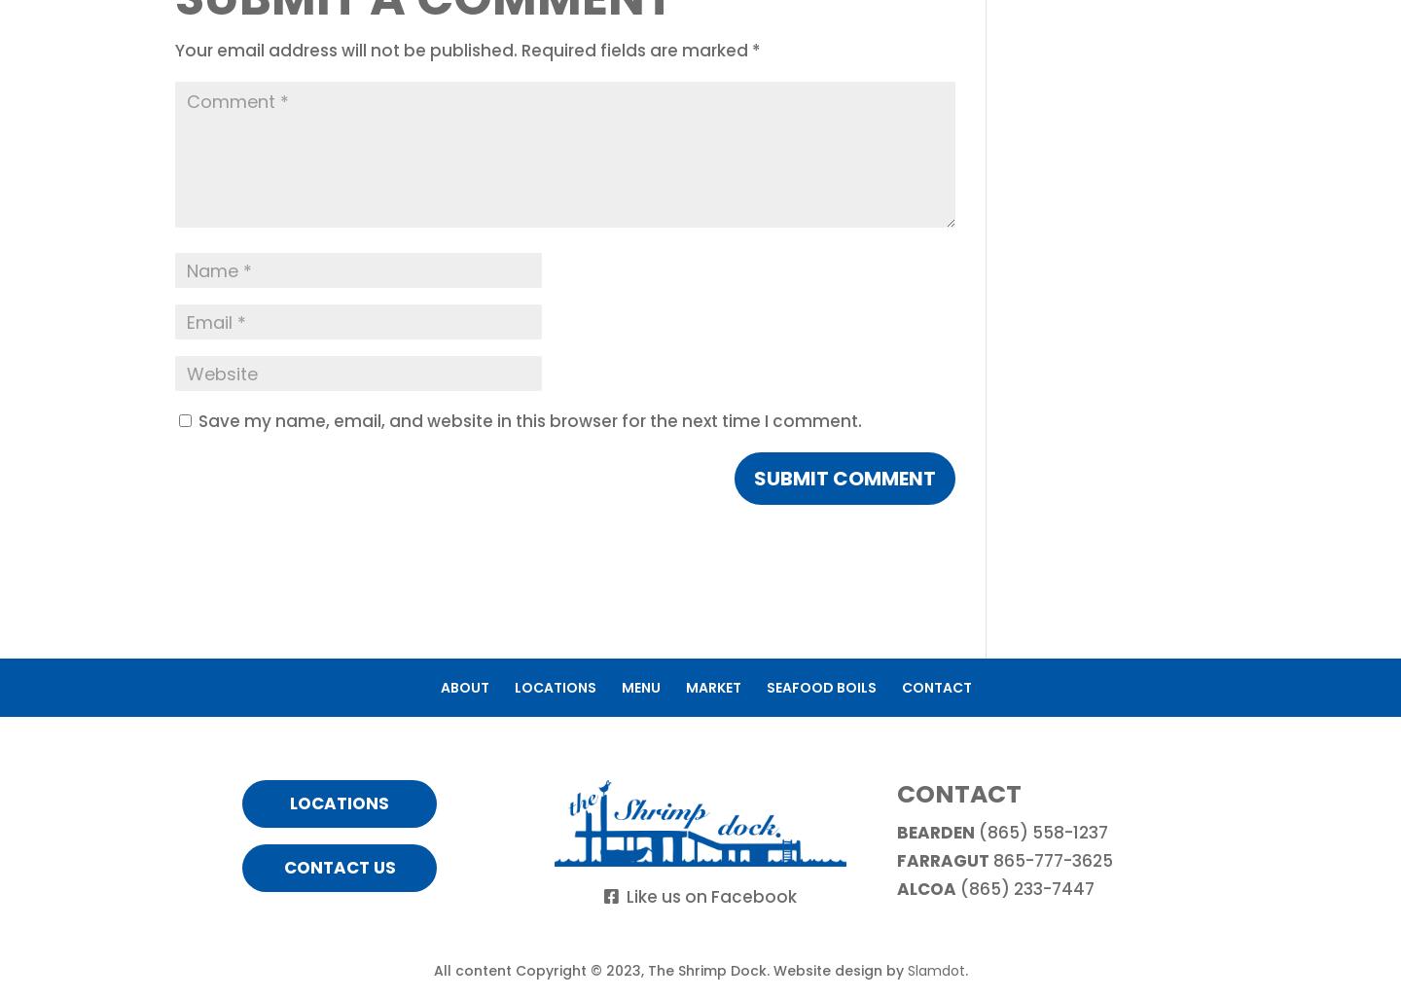 The image size is (1401, 999). What do you see at coordinates (934, 831) in the screenshot?
I see `'BEARDEN'` at bounding box center [934, 831].